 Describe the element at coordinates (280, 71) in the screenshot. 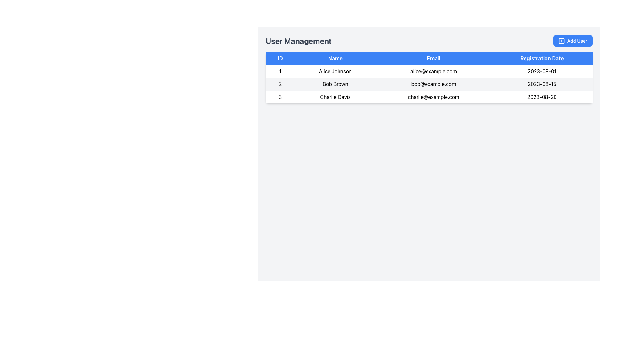

I see `the first table cell, which contains the text '1', styled with a white background and located beneath the 'ID' column header` at that location.